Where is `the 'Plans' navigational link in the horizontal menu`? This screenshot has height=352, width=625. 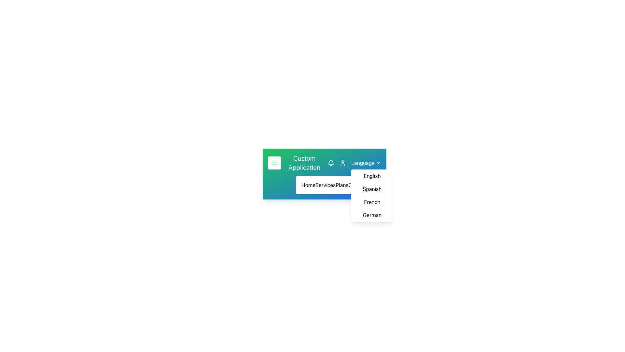
the 'Plans' navigational link in the horizontal menu is located at coordinates (341, 185).